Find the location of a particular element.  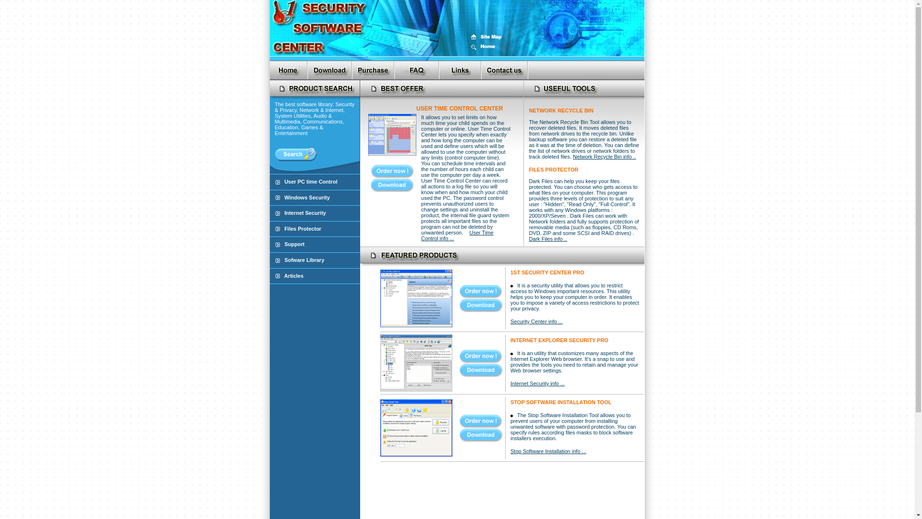

'search software' is located at coordinates (295, 154).